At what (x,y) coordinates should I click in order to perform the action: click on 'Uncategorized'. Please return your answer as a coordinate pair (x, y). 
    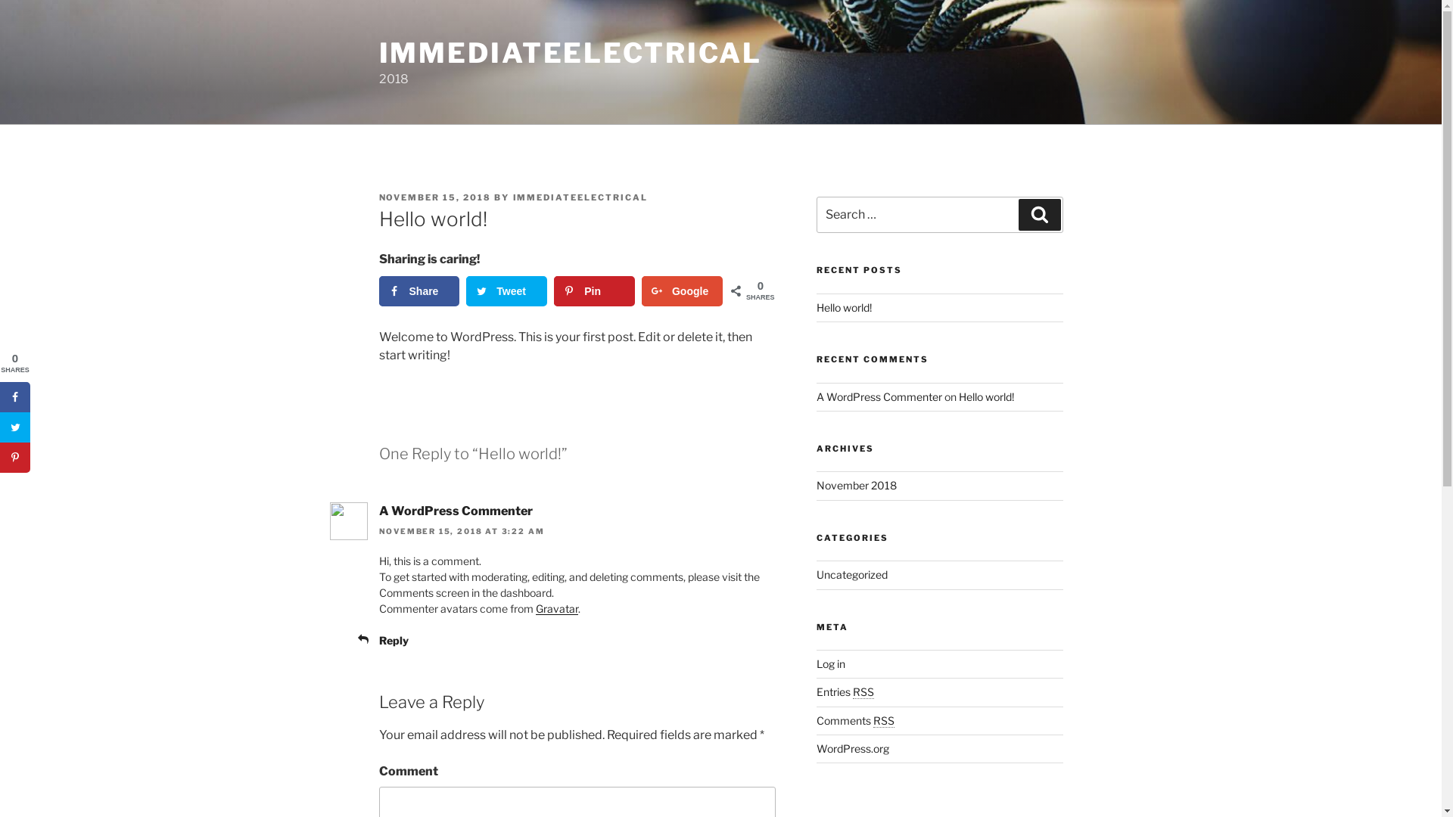
    Looking at the image, I should click on (852, 574).